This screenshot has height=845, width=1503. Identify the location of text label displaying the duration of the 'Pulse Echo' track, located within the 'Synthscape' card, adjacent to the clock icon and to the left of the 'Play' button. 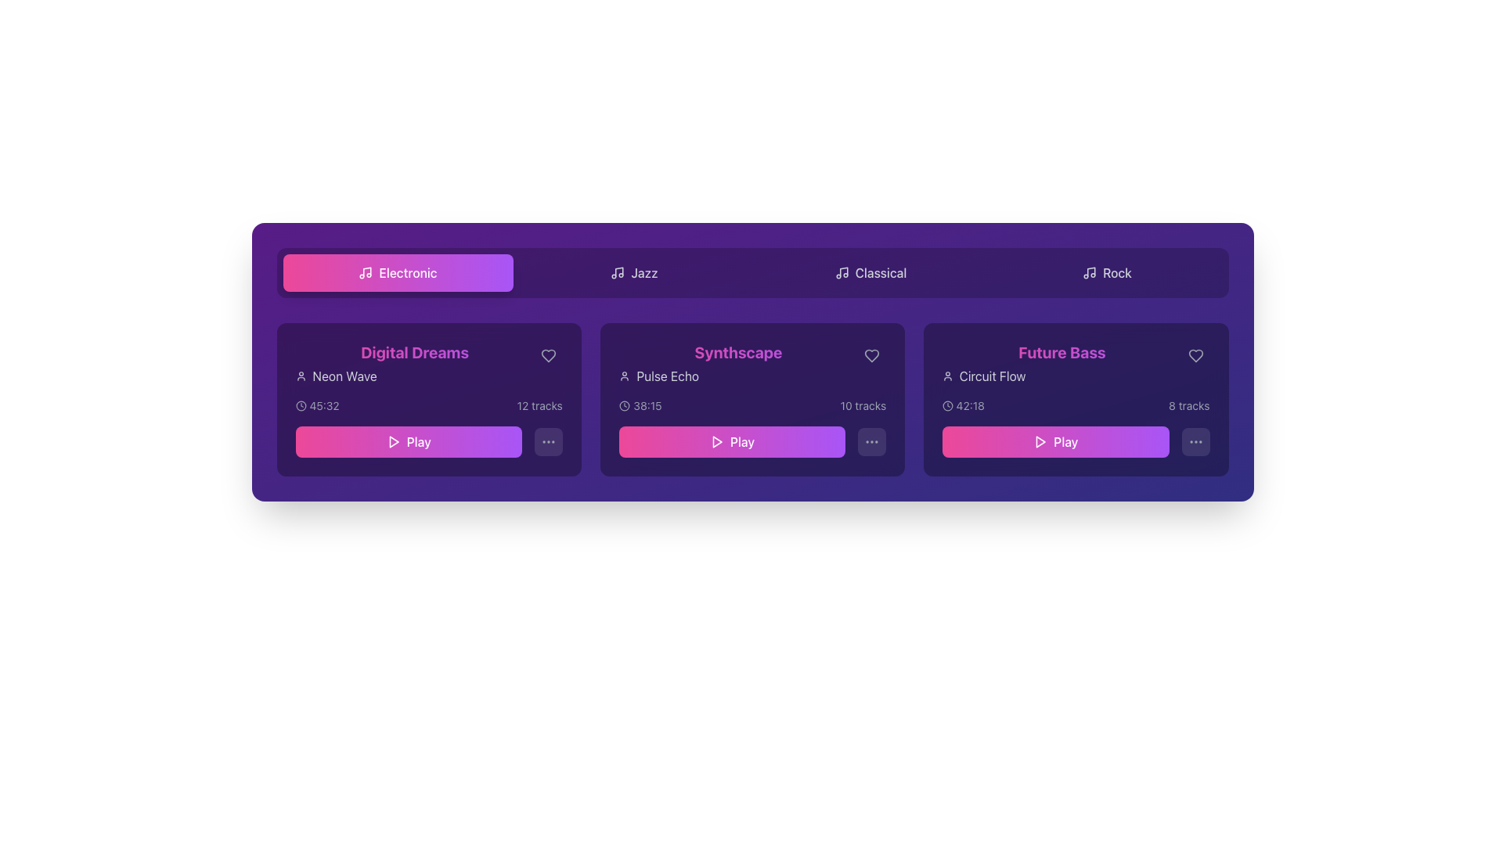
(647, 405).